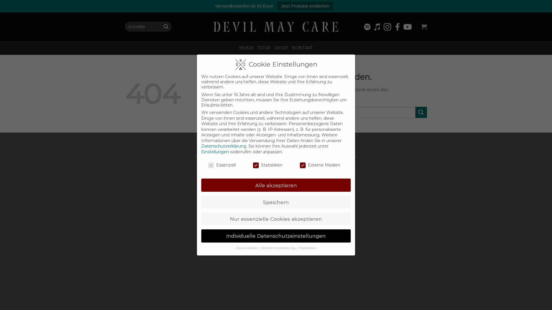 This screenshot has height=310, width=552. Describe the element at coordinates (207, 156) in the screenshot. I see `'Impressum'` at that location.